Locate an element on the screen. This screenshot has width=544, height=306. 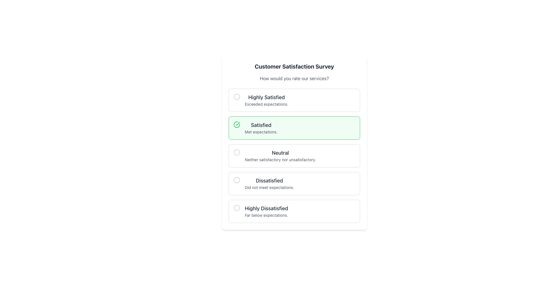
the text block that poses a question to users about their satisfaction with services, located beneath the heading 'Customer Satisfaction Survey' is located at coordinates (294, 78).